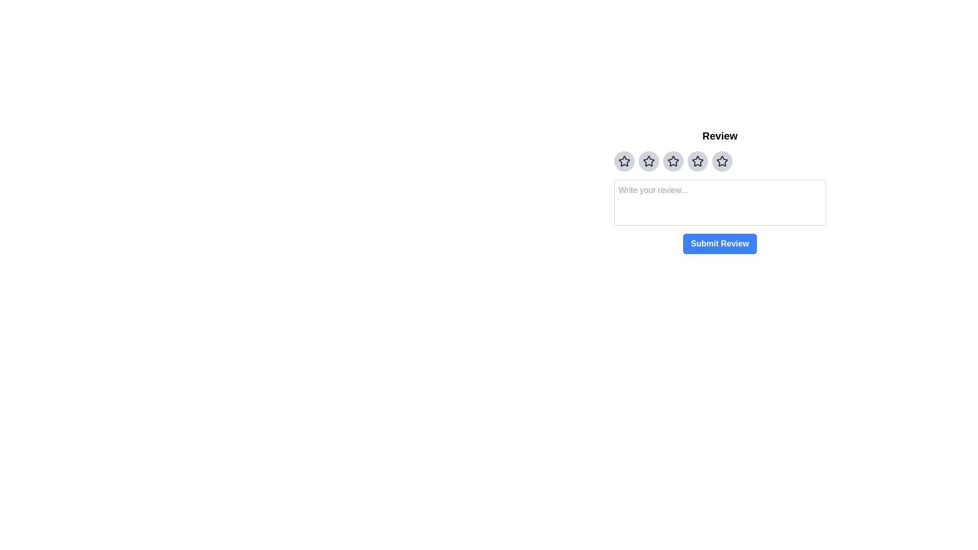  Describe the element at coordinates (697, 160) in the screenshot. I see `the fourth star in the rating bar` at that location.